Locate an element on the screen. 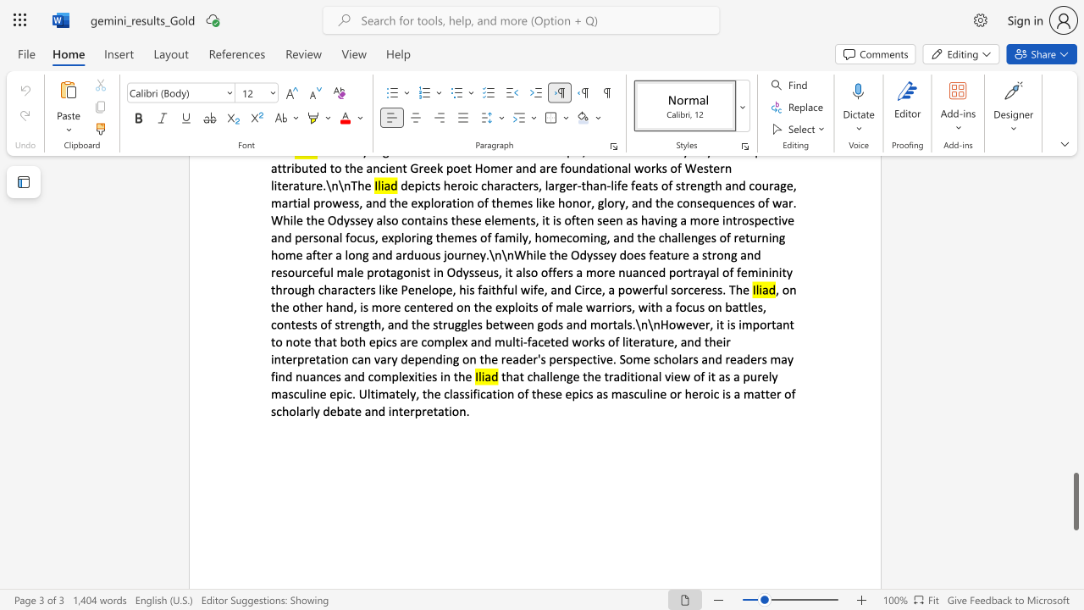 The height and width of the screenshot is (610, 1084). the scrollbar to move the view up is located at coordinates (1075, 295).